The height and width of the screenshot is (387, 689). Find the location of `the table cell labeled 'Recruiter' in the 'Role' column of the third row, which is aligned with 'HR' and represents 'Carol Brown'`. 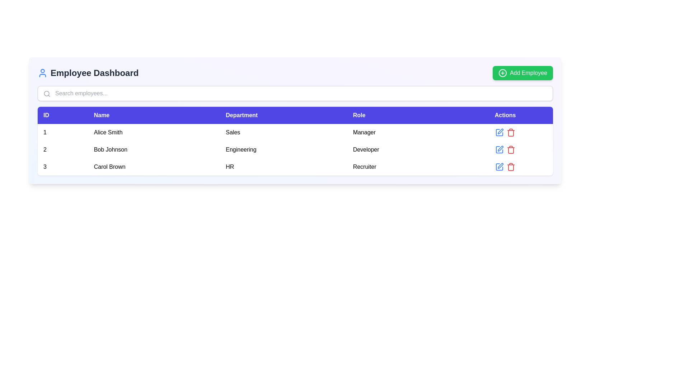

the table cell labeled 'Recruiter' in the 'Role' column of the third row, which is aligned with 'HR' and represents 'Carol Brown' is located at coordinates (402, 167).